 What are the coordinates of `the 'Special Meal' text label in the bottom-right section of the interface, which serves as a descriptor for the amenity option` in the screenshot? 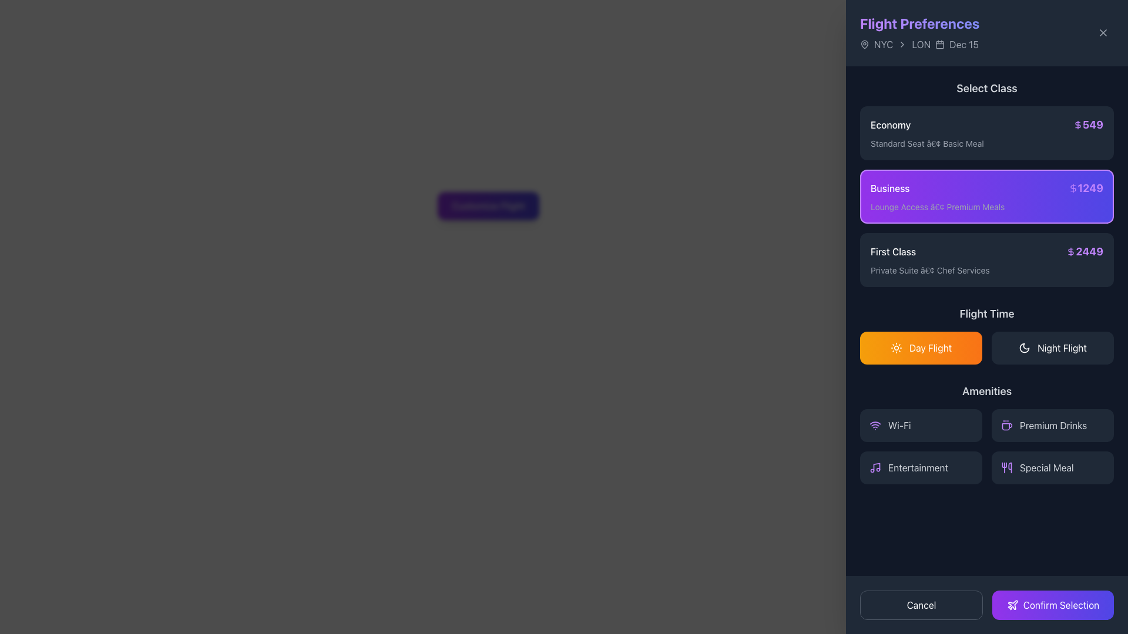 It's located at (1046, 467).